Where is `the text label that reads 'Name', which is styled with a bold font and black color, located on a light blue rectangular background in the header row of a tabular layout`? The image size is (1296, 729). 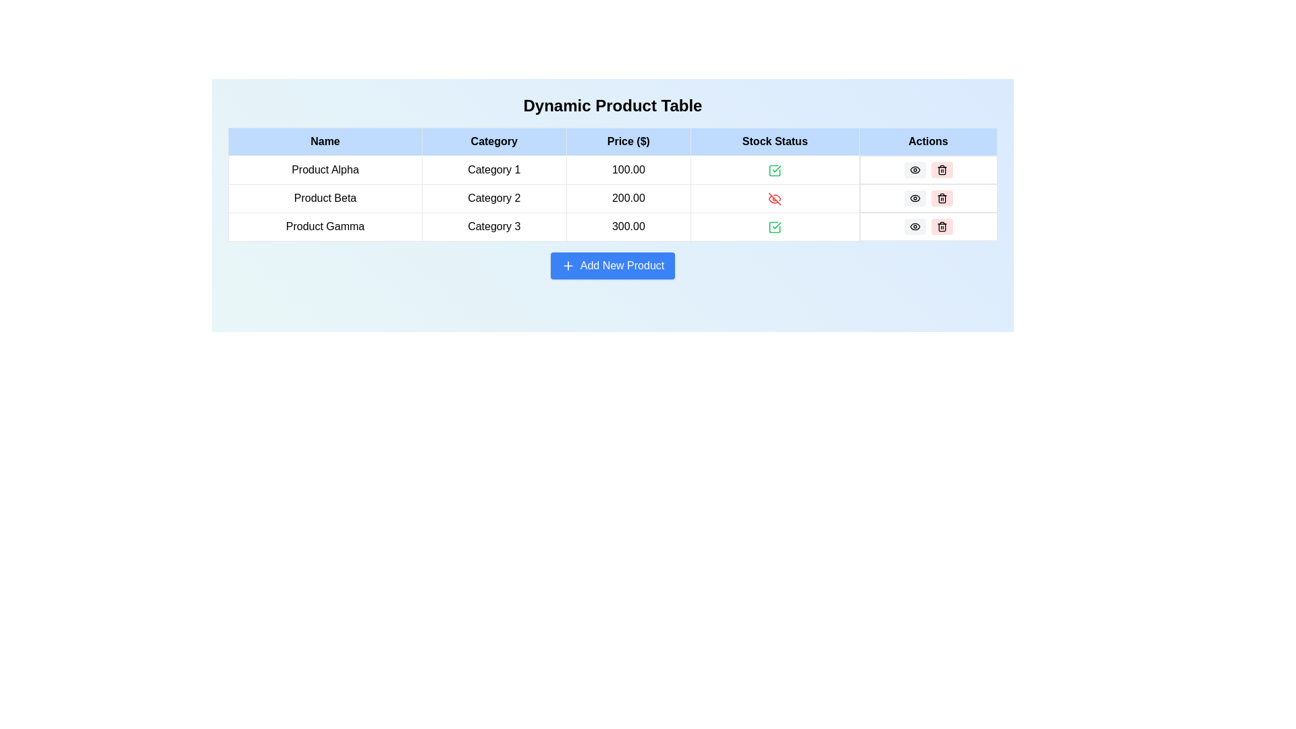 the text label that reads 'Name', which is styled with a bold font and black color, located on a light blue rectangular background in the header row of a tabular layout is located at coordinates (325, 141).